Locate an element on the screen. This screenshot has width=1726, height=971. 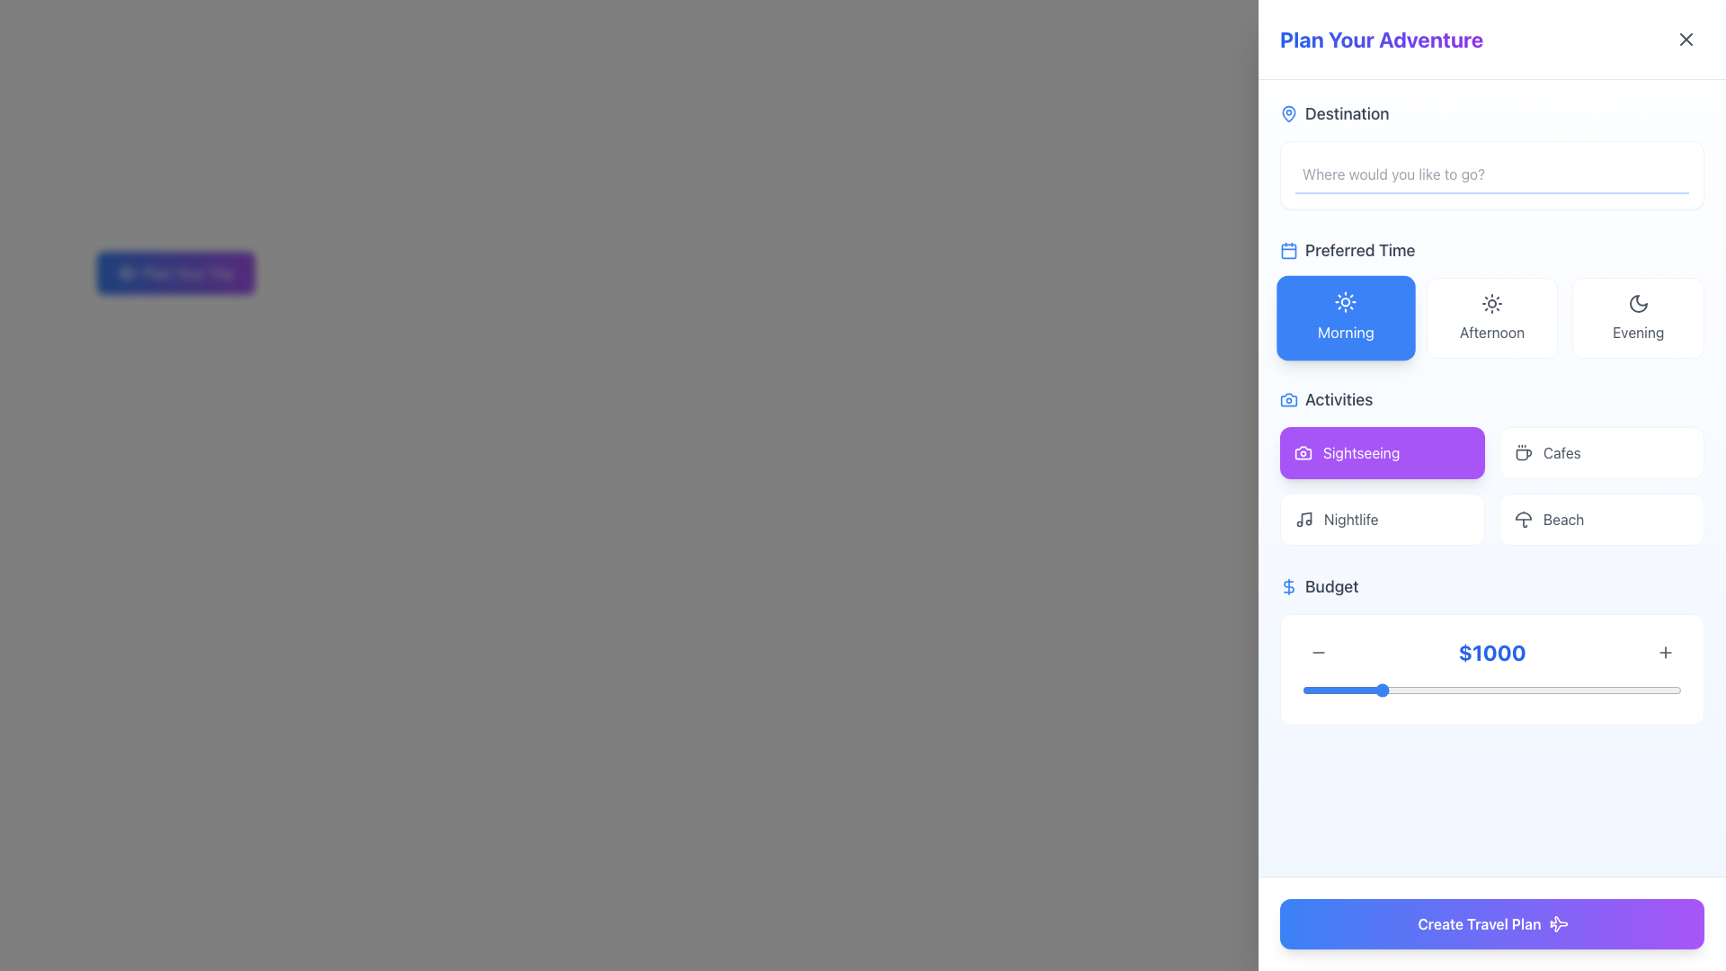
the 'Morning' time selection button is located at coordinates (1346, 332).